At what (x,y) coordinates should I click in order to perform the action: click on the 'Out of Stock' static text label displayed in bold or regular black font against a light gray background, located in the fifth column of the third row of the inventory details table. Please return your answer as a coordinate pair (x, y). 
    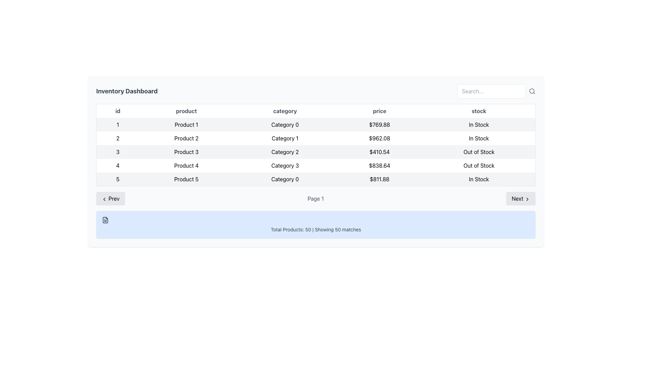
    Looking at the image, I should click on (479, 152).